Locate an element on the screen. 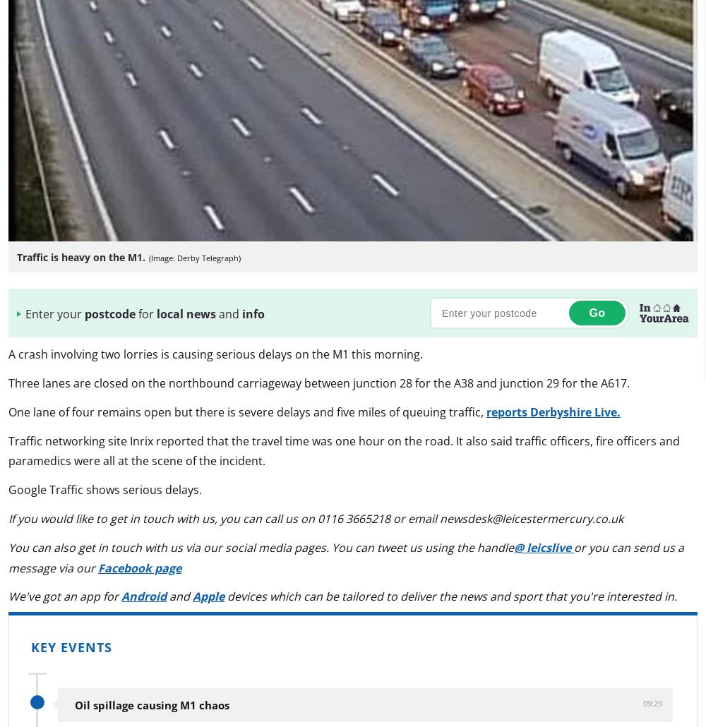  '(Image: Derby Telegraph)' is located at coordinates (193, 257).